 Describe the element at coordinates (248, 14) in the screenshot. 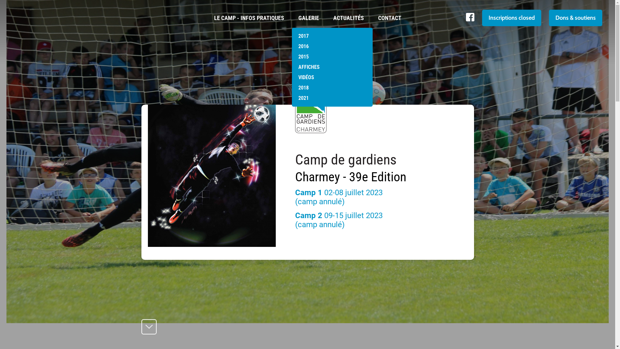

I see `'LE CAMP - INFOS PRATIQUES'` at that location.